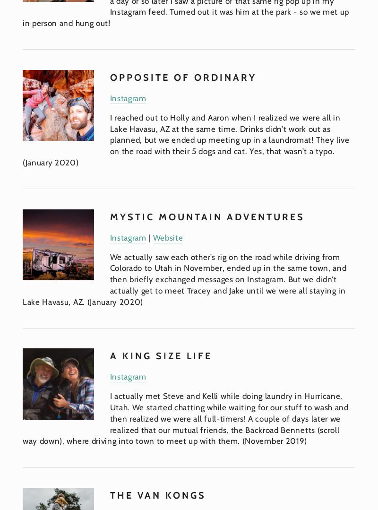  I want to click on 'I reached out to Holly and Aaron when I realized we were all in Lake Havasu, AZ at the same time. Drinks didn’t work out as planned, but we ended up meeting up in a laundromat! They live on the road with their 5 dogs and cat. Yes, that wasn’t a typo. (January 2020)', so click(22, 139).